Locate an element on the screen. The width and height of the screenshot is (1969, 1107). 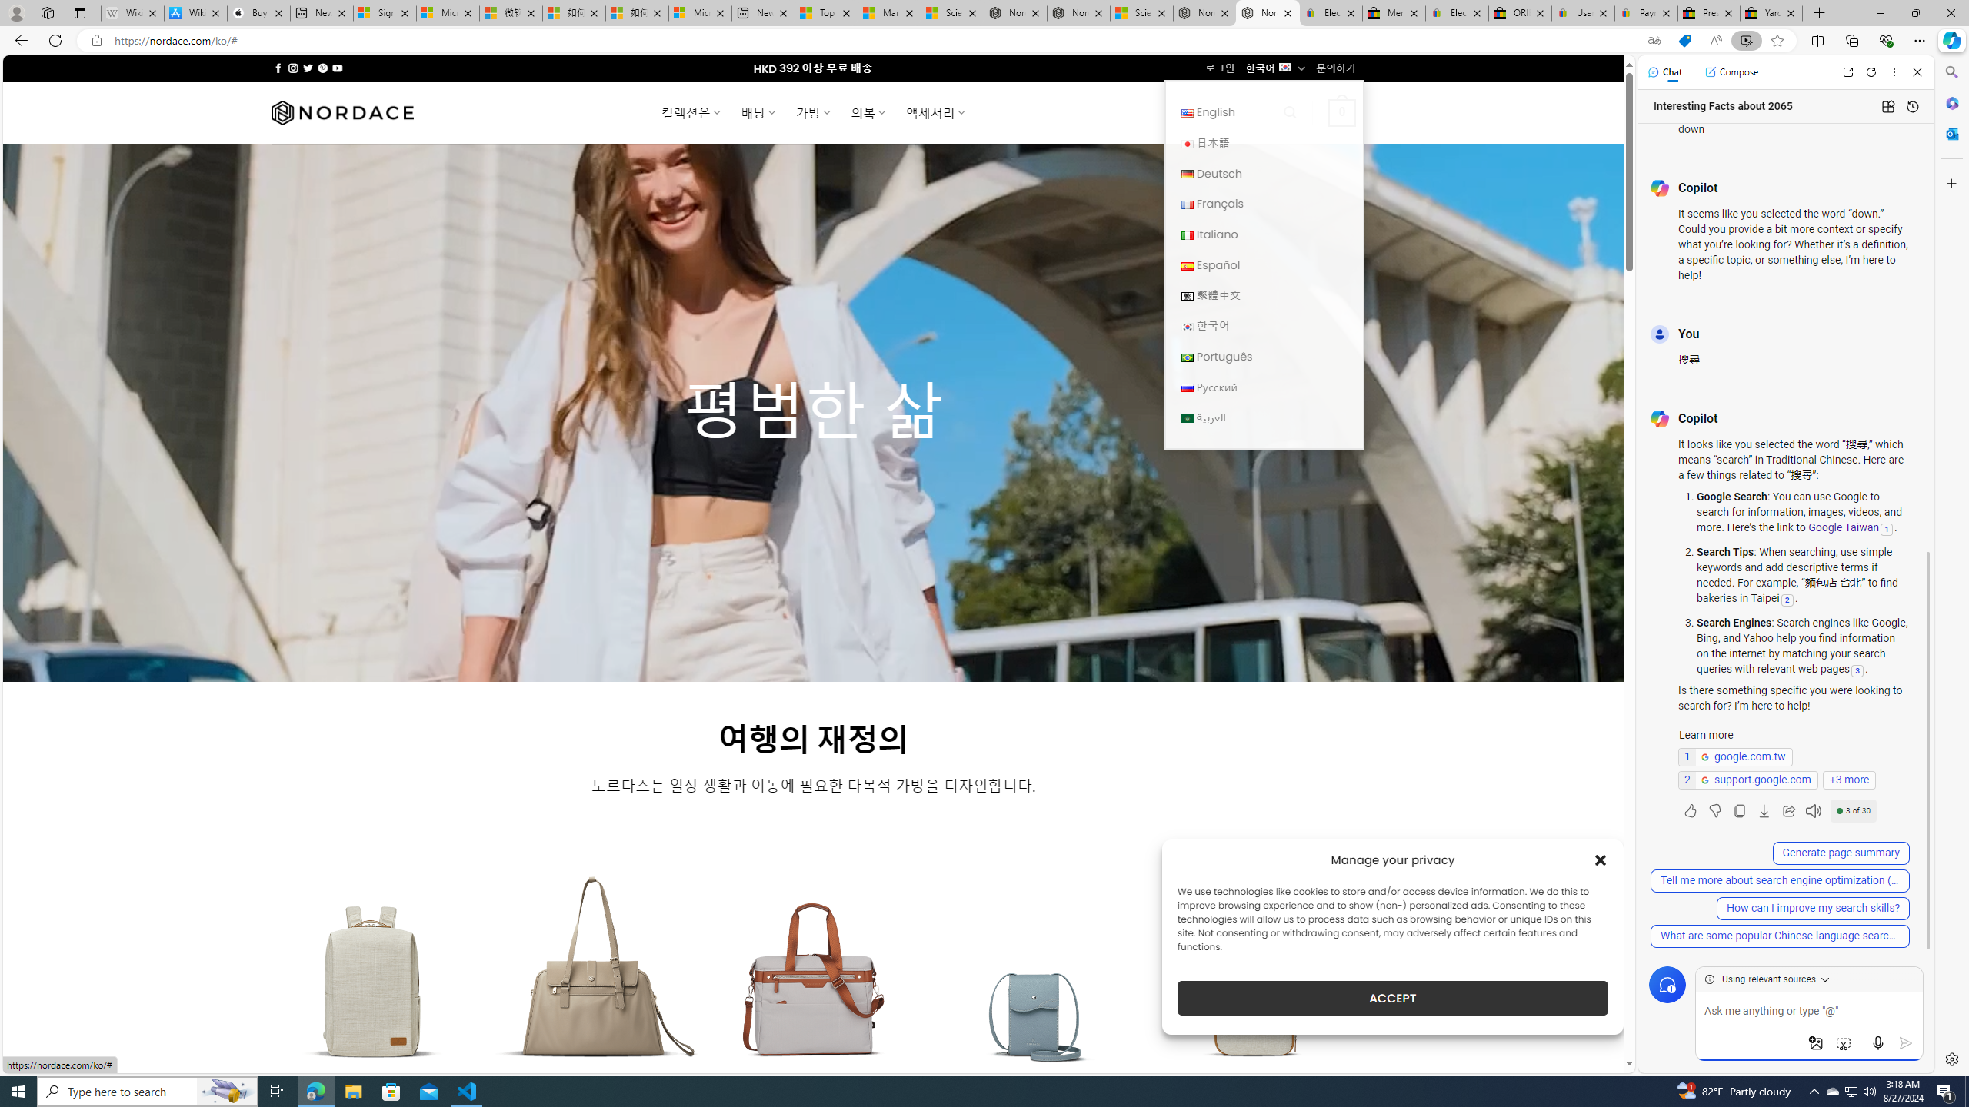
'Nordace - Home' is located at coordinates (1267, 12).